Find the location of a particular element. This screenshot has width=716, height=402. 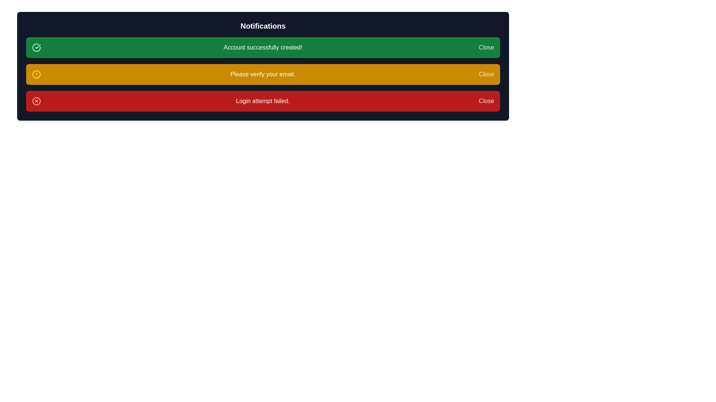

the green circle icon with a white outline and a checkmark inside it, located on the left side of the notification bar that displays 'Account successfully created!' is located at coordinates (36, 47).